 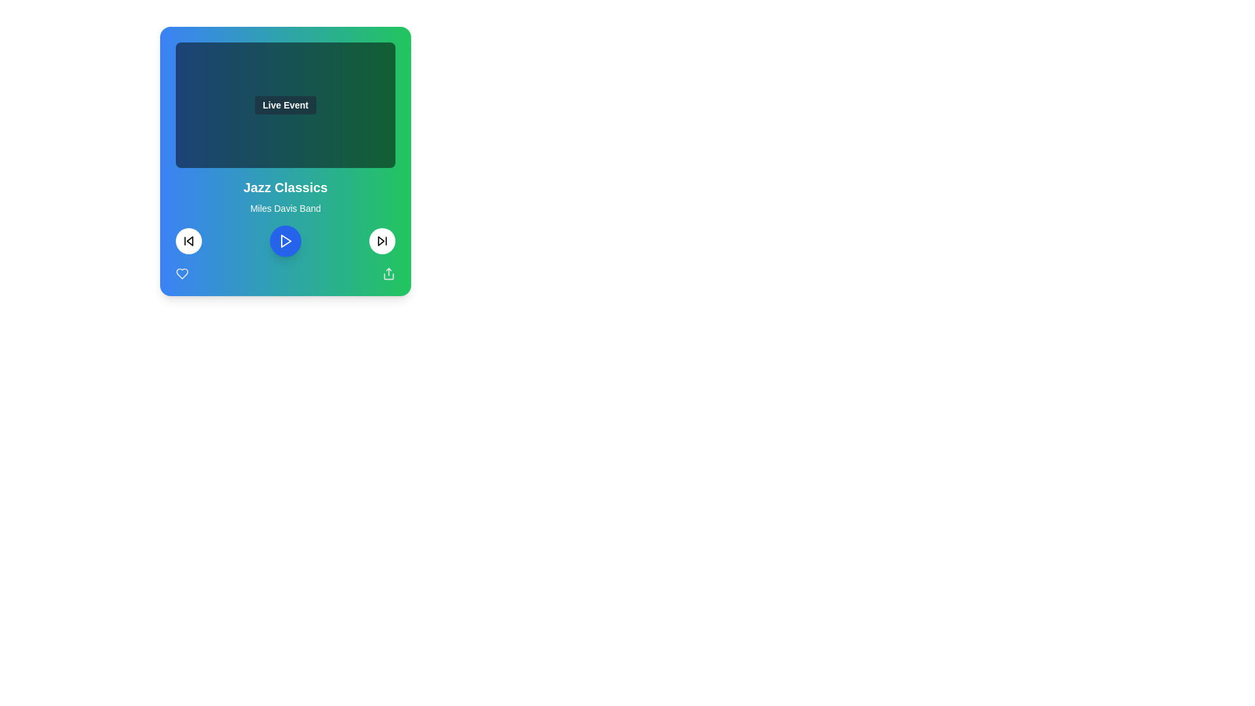 I want to click on the play button, which is a right-pointing triangle styled in white on a blue circular background, located at the center of the bottom section of the music player card, so click(x=285, y=241).